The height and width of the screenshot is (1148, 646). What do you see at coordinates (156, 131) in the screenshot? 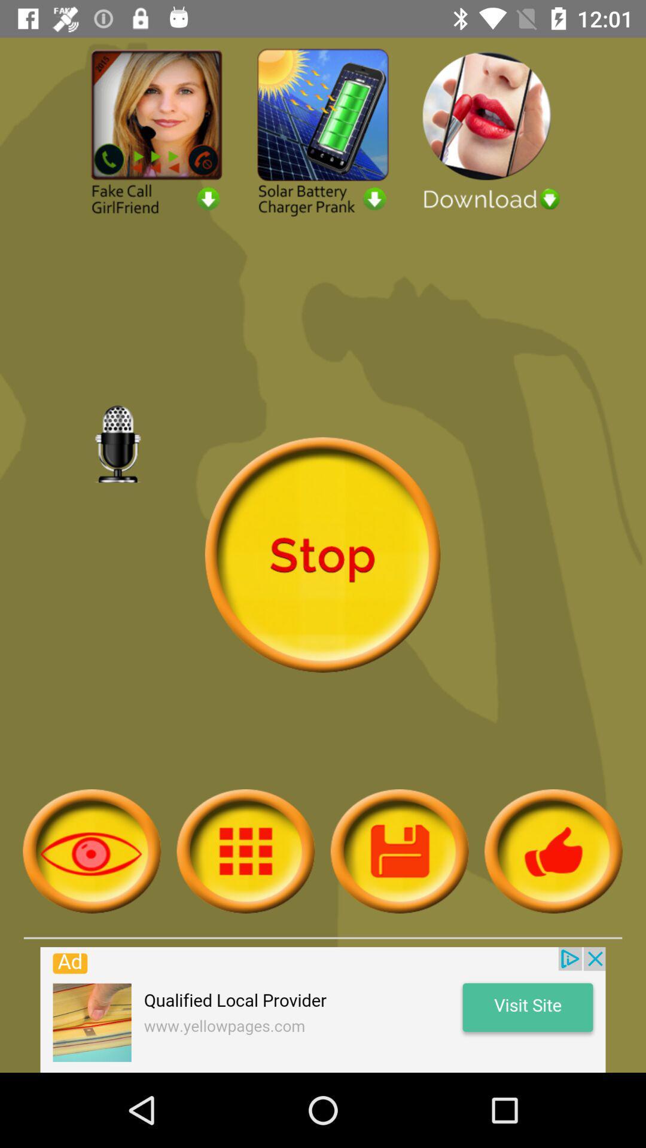
I see `fake girlfriend calling` at bounding box center [156, 131].